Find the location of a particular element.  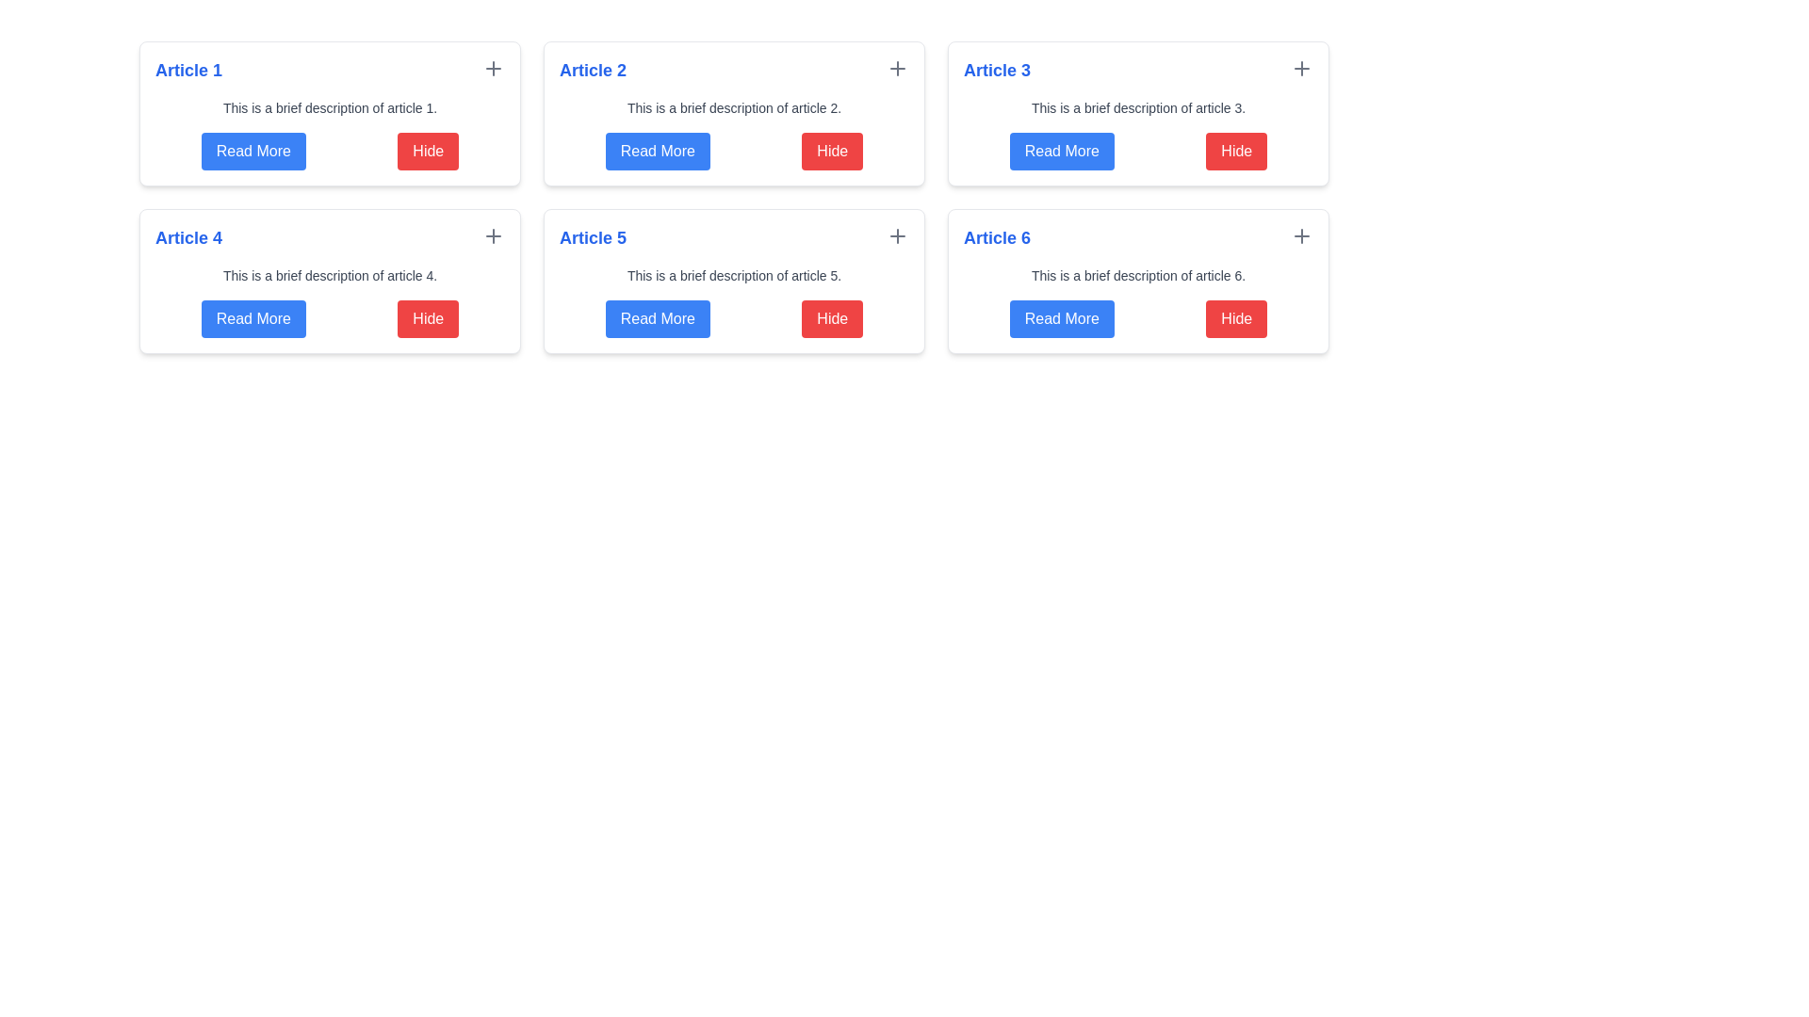

the text label that says 'This is a brief description of article 2.', which is located beneath the title 'Article 2' in the card for 'Article 2' is located at coordinates (733, 108).